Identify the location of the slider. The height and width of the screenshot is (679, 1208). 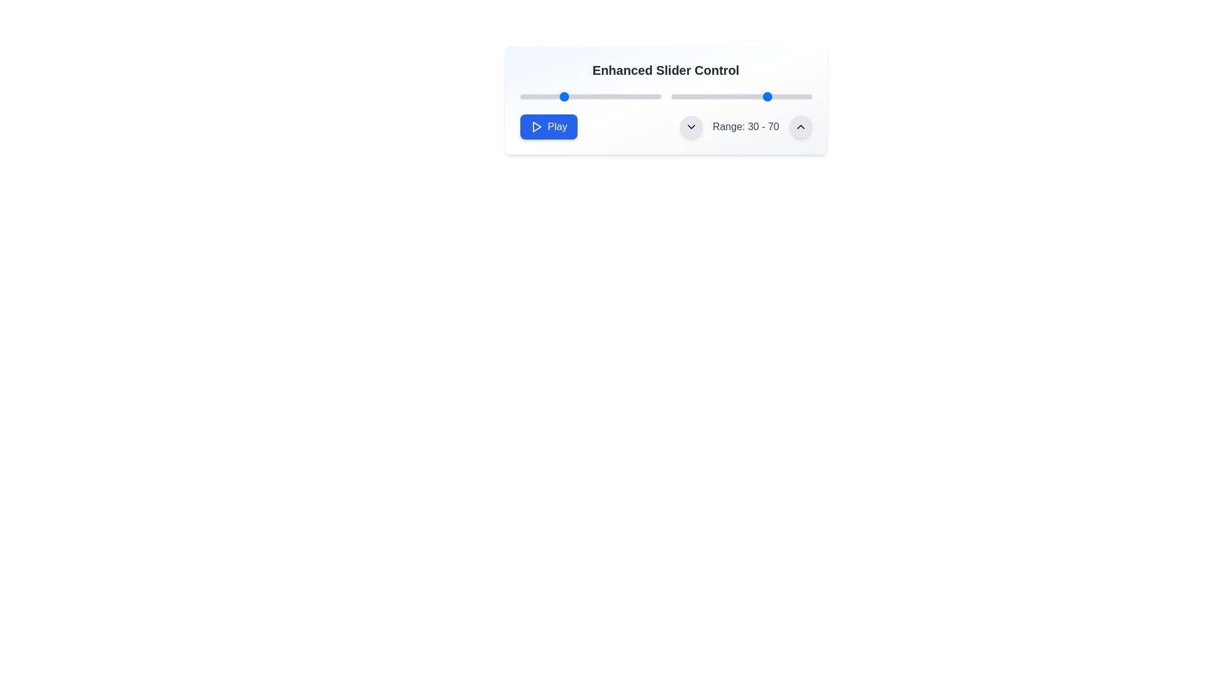
(627, 96).